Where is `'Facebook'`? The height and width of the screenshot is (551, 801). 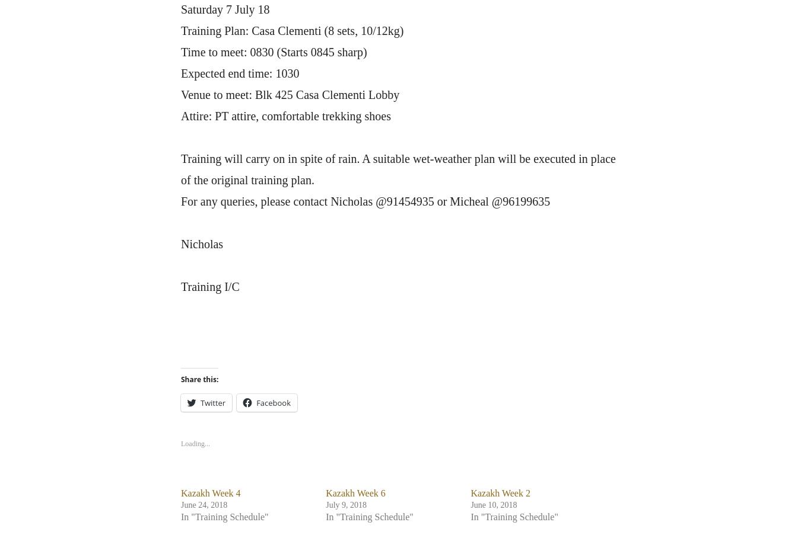
'Facebook' is located at coordinates (273, 402).